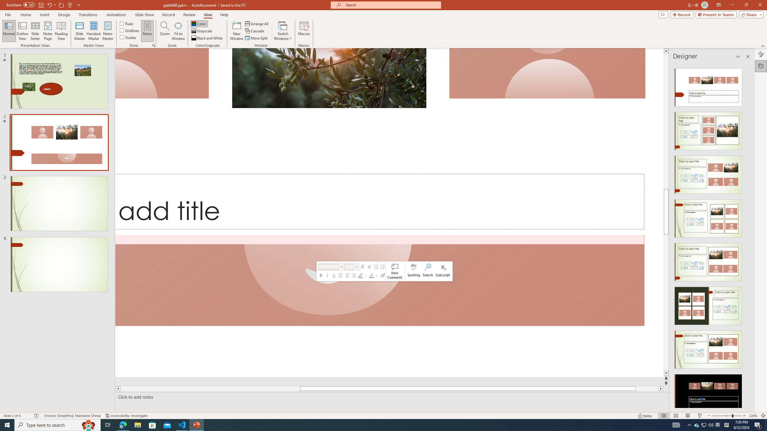 Image resolution: width=767 pixels, height=431 pixels. Describe the element at coordinates (443, 271) in the screenshot. I see `'Subscript'` at that location.